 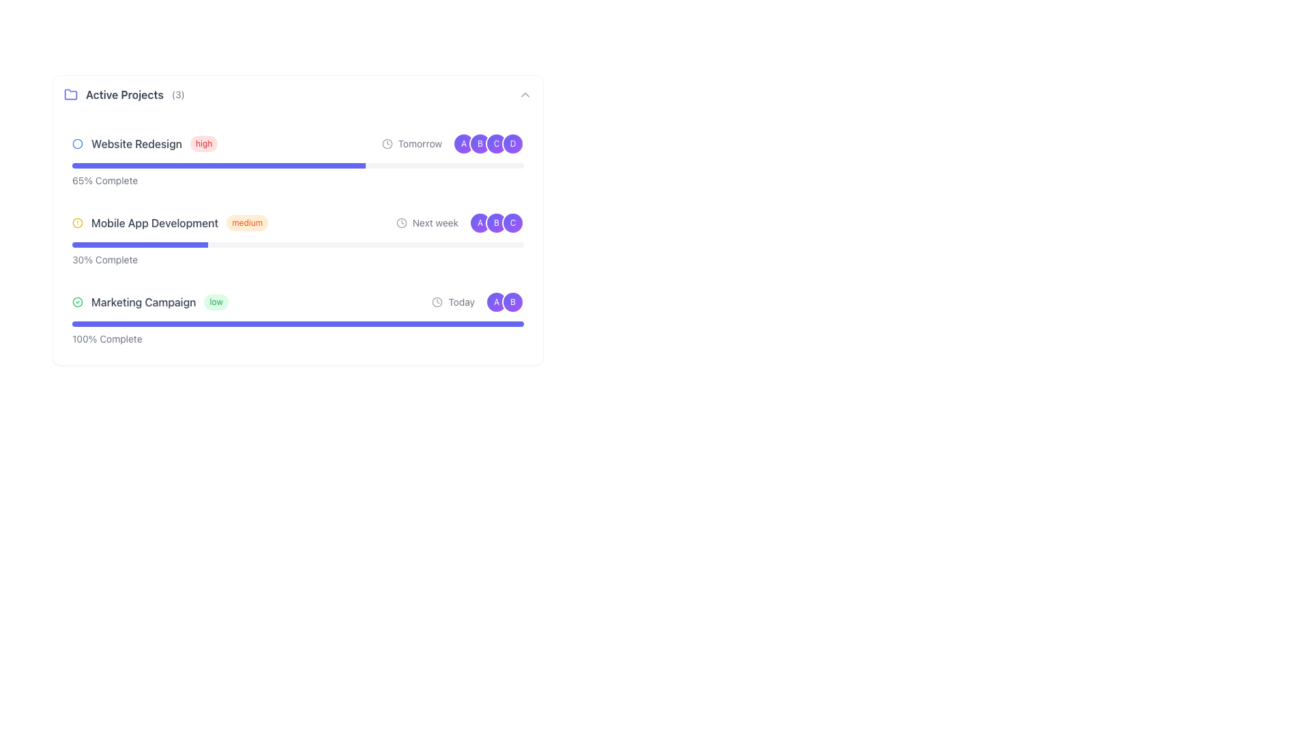 What do you see at coordinates (77, 302) in the screenshot?
I see `the status indicator icon for the 'Marketing Campaign' task, which is located at the far left of its row and adjacent to the text 'Marketing Campaign' and the status label 'low'` at bounding box center [77, 302].